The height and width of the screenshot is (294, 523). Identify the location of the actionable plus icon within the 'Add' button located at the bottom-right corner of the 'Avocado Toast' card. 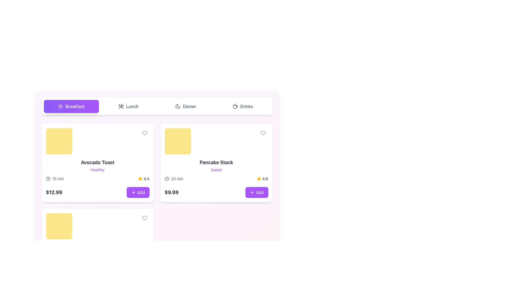
(133, 192).